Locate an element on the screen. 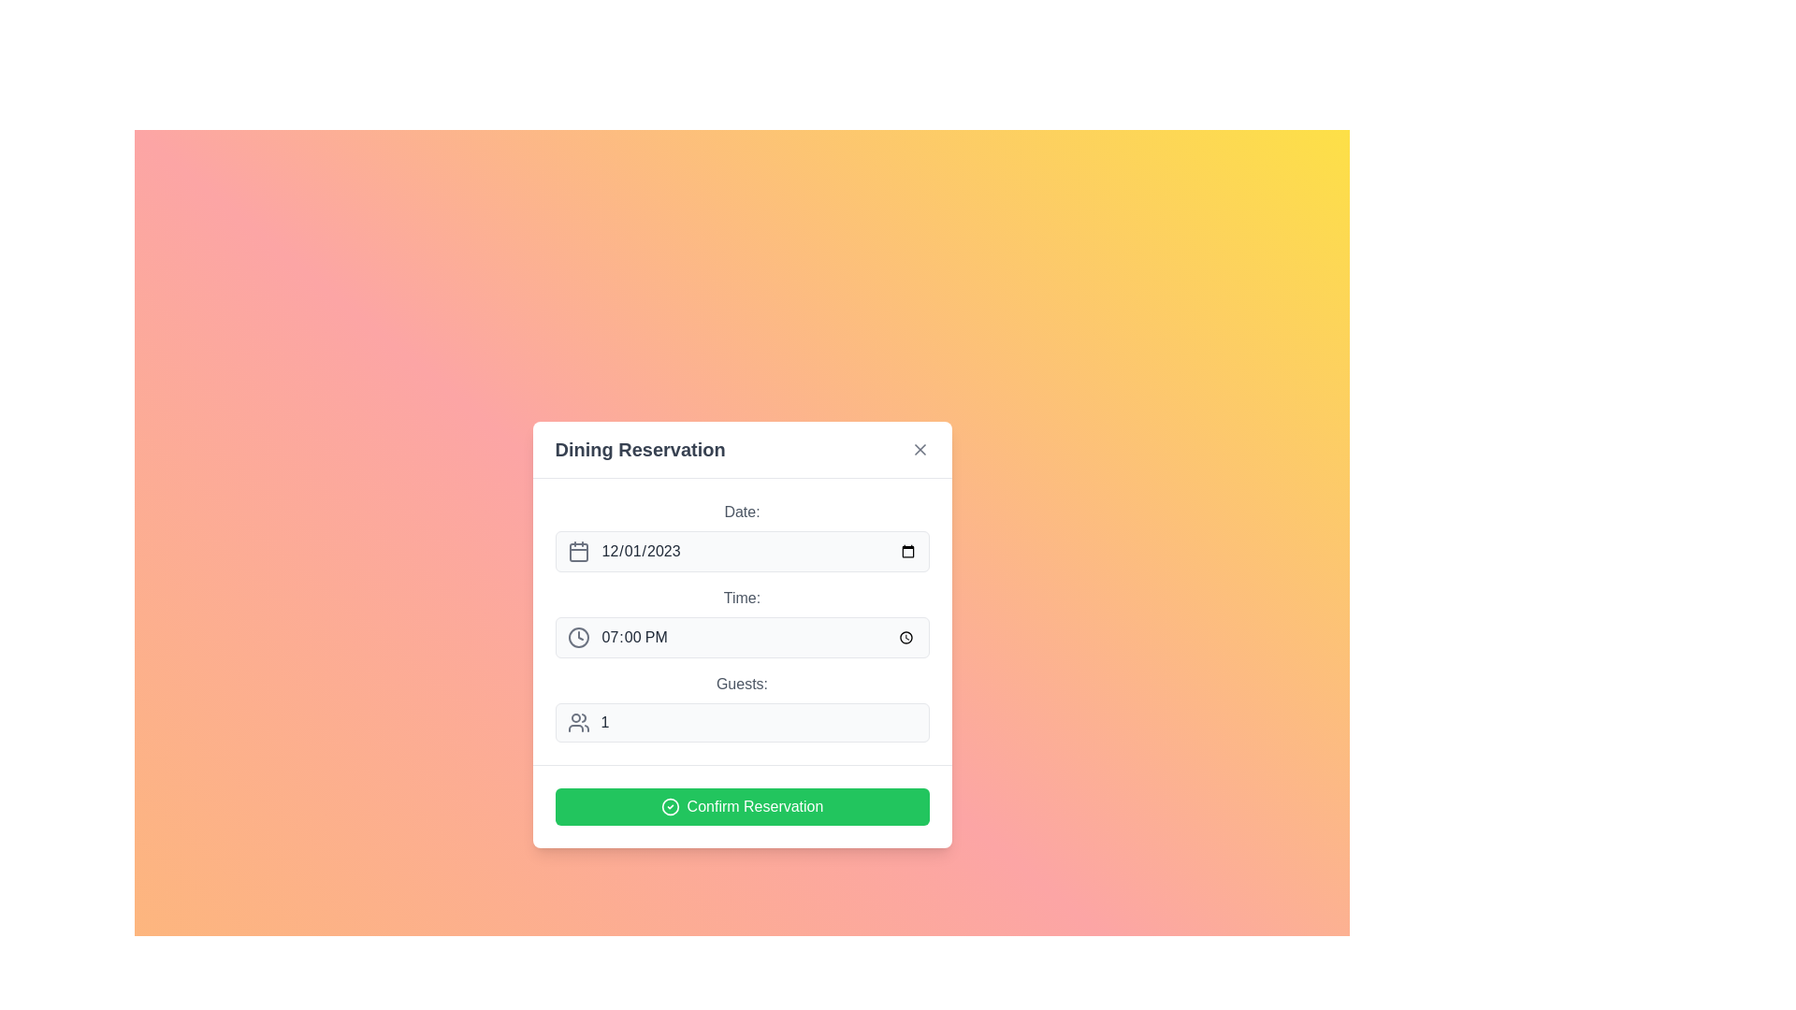 This screenshot has height=1010, width=1796. the green 'Confirm Reservation' button with a white checkmark is located at coordinates (741, 806).